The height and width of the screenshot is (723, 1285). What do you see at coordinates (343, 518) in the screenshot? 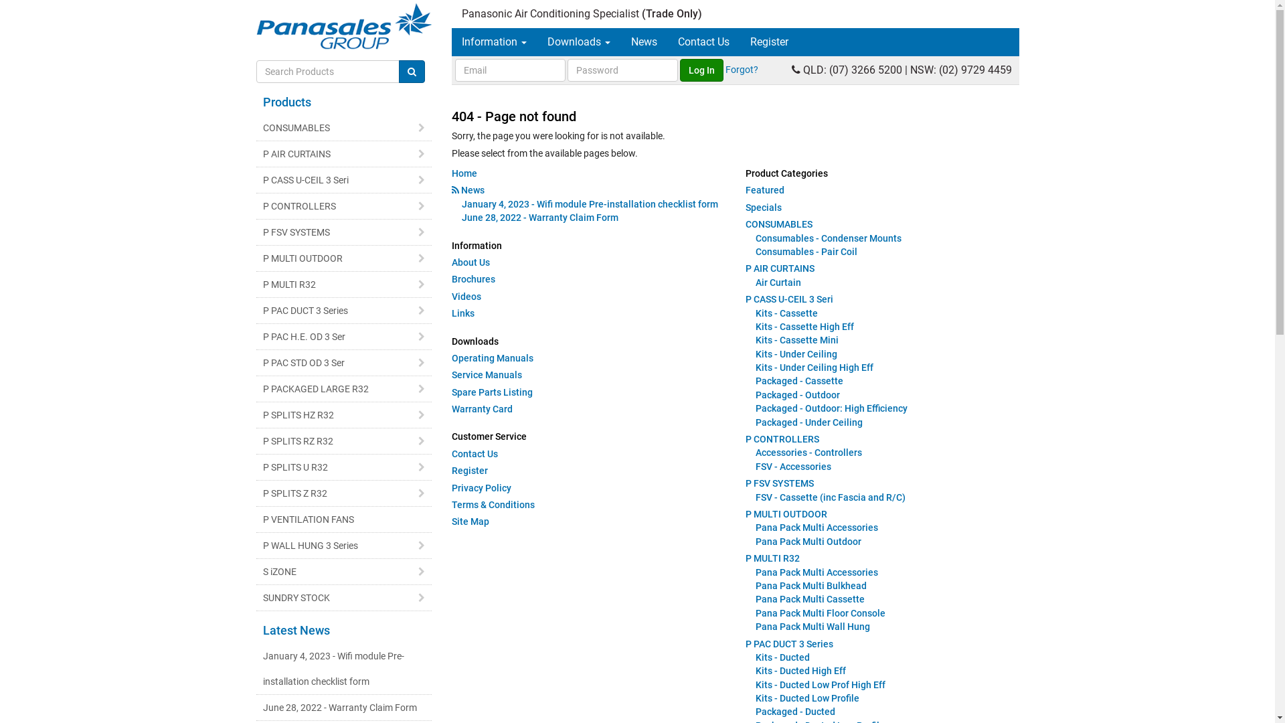
I see `'P VENTILATION FANS'` at bounding box center [343, 518].